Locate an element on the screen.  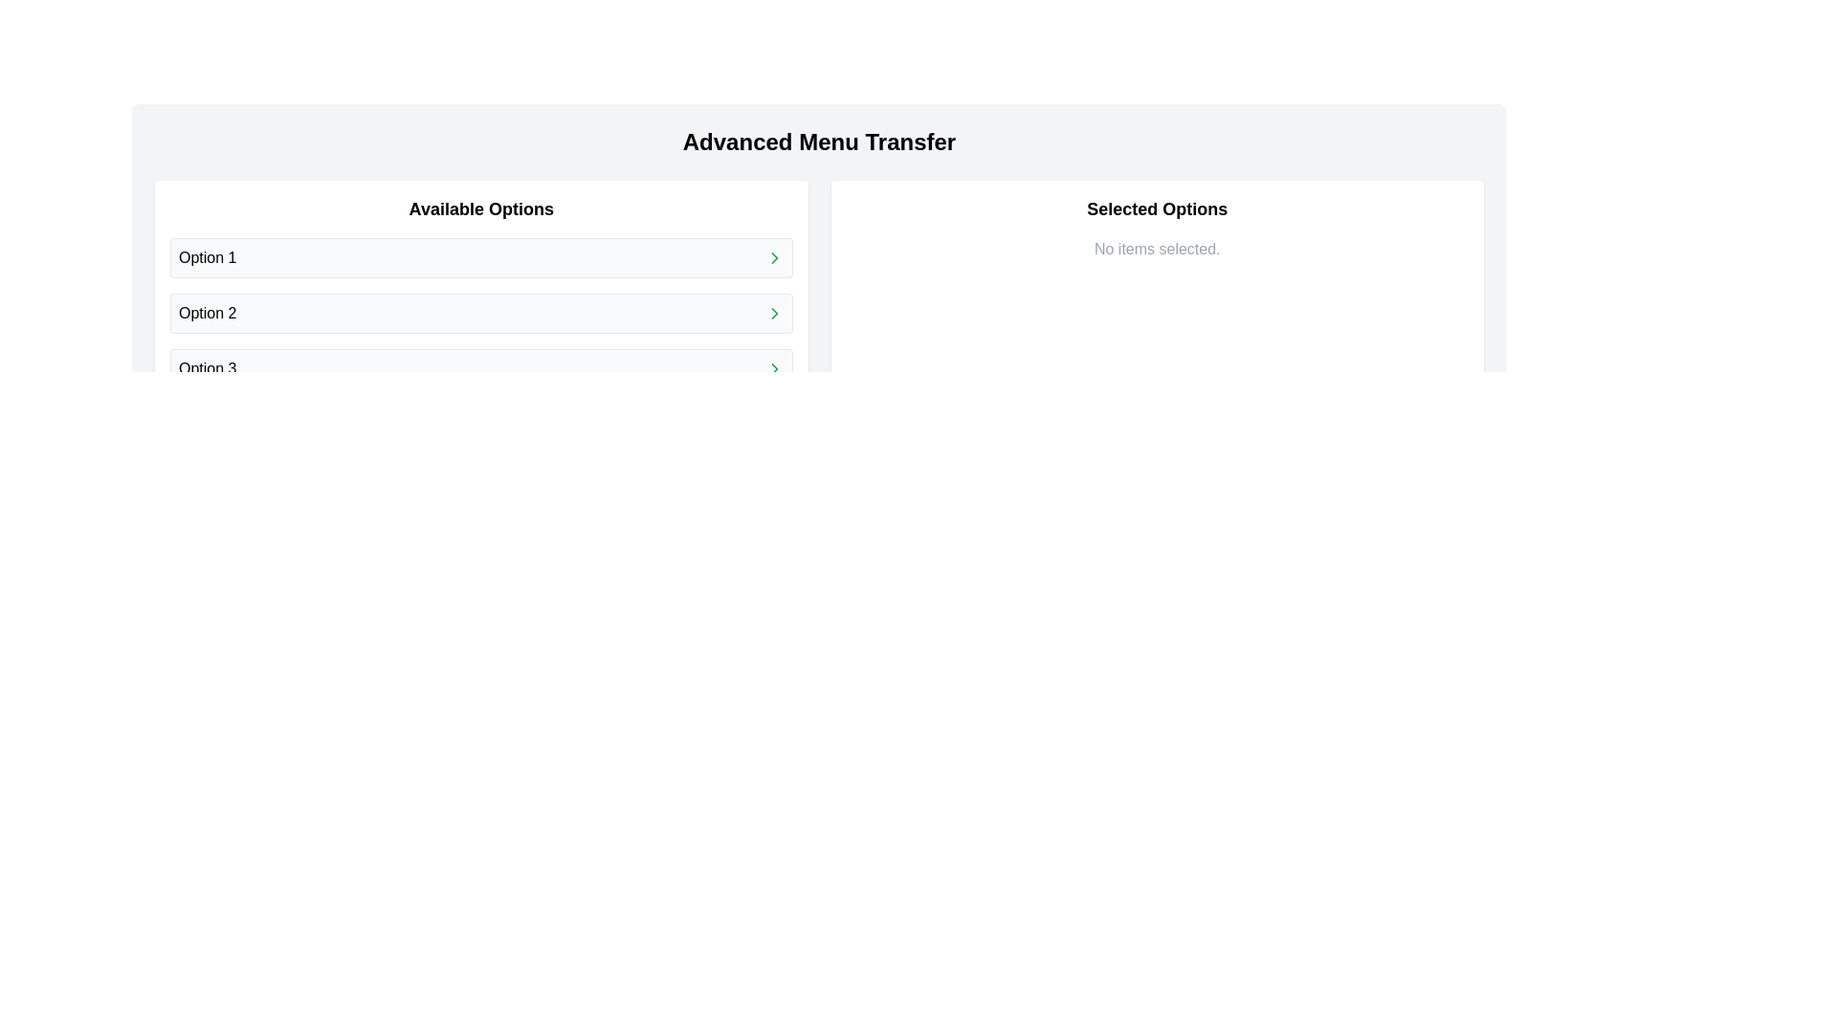
the 'Option 2' button in the vertical list of 'Available Options' is located at coordinates (481, 312).